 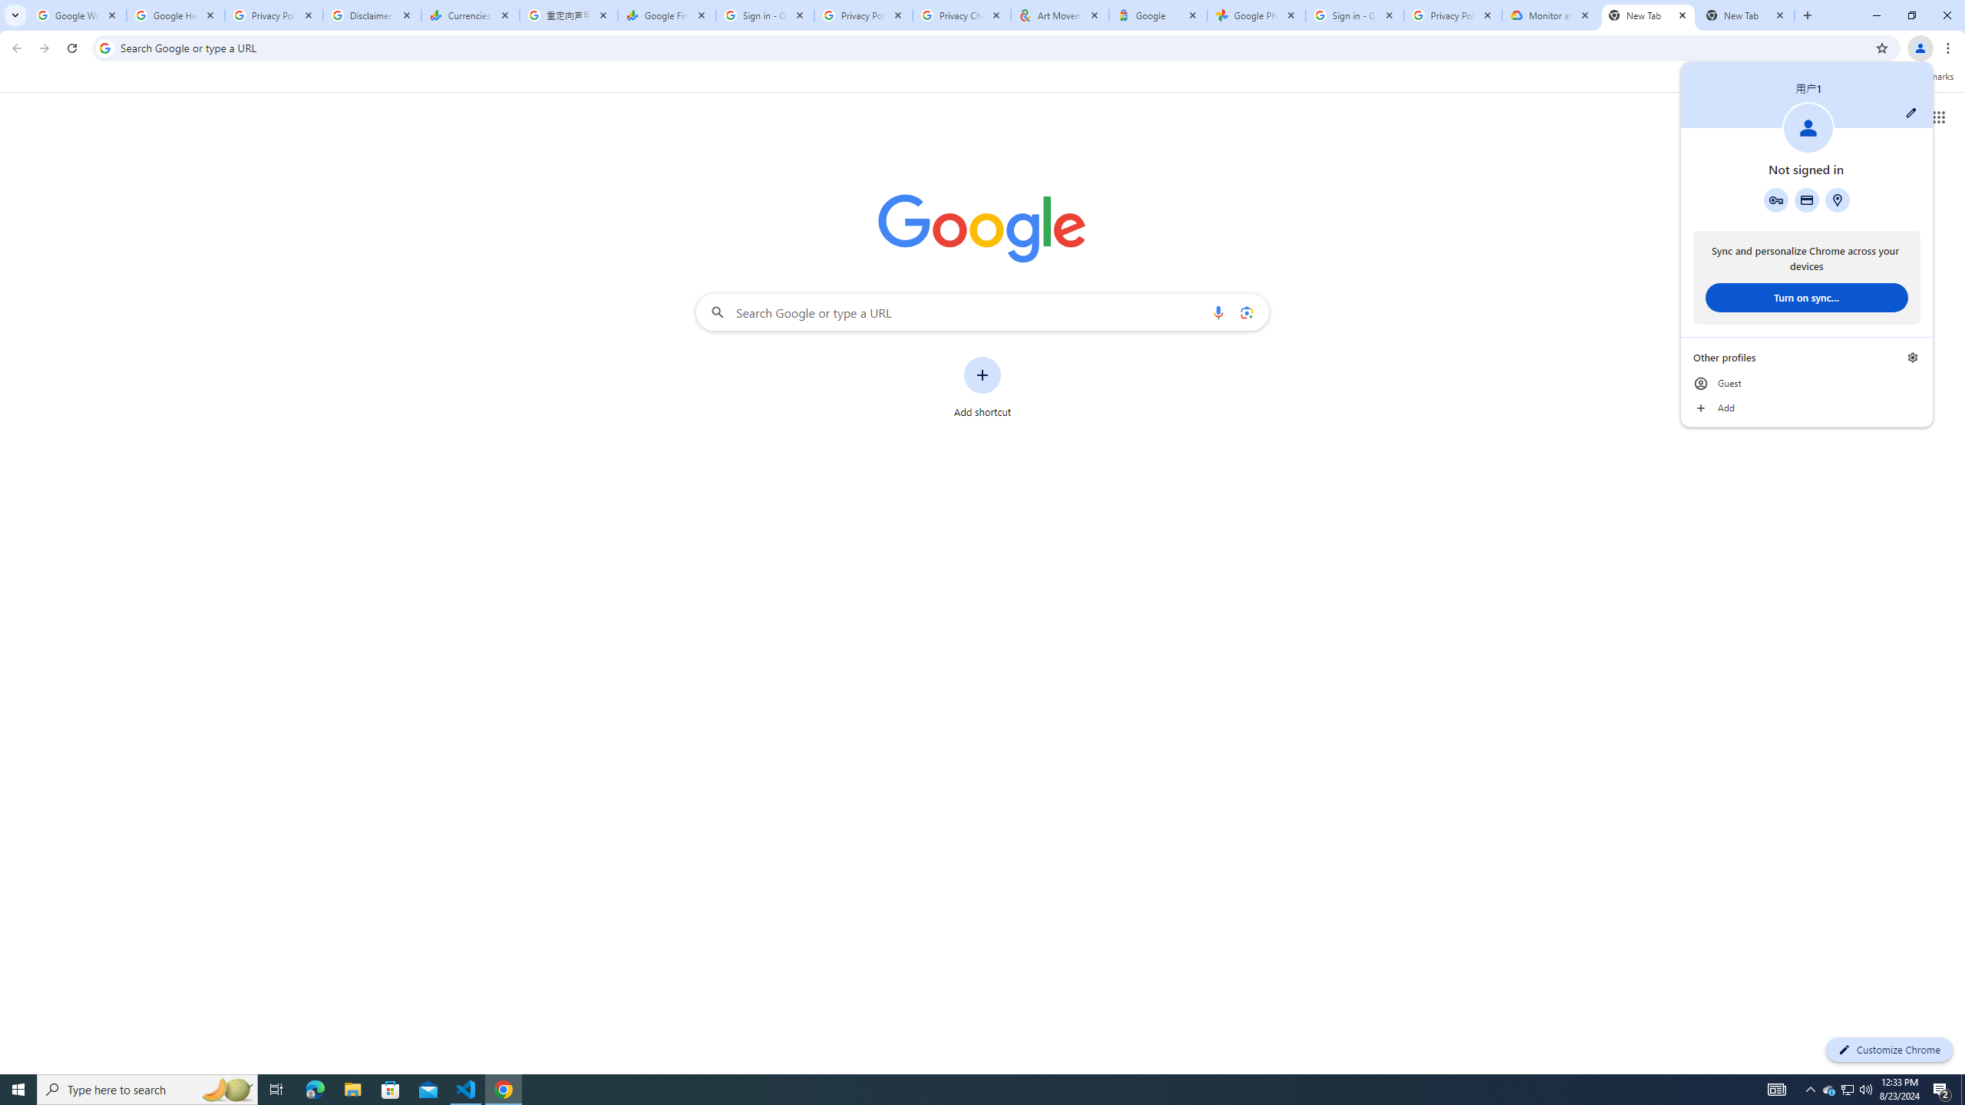 What do you see at coordinates (961, 15) in the screenshot?
I see `'Privacy Checkup'` at bounding box center [961, 15].